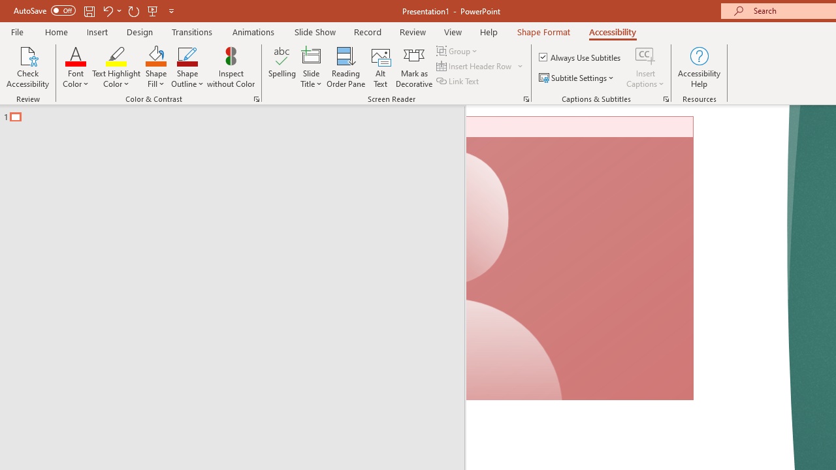  What do you see at coordinates (116, 67) in the screenshot?
I see `'Text Highlight Color'` at bounding box center [116, 67].